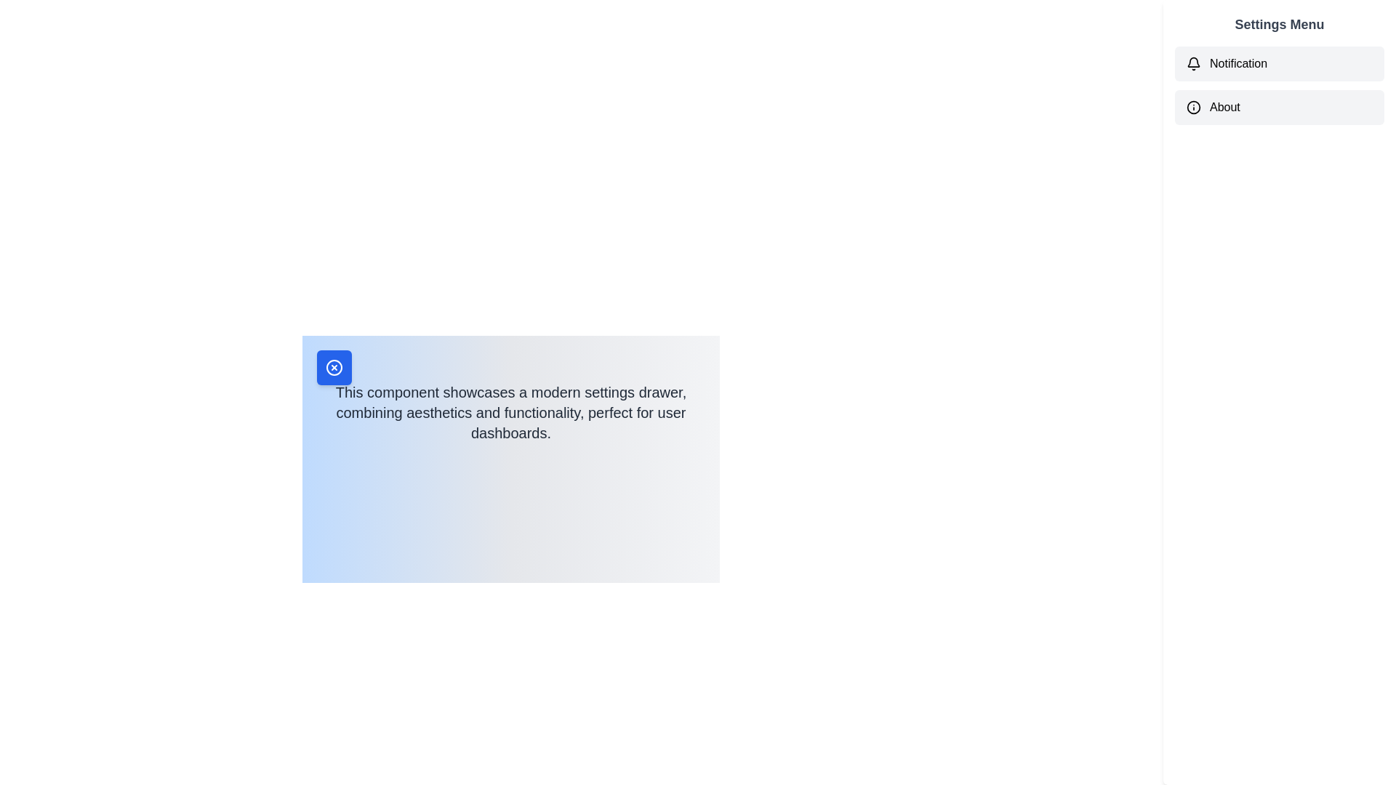  What do you see at coordinates (334, 366) in the screenshot?
I see `the circular icon with a cross inside it, which is styled with a modern design and located in the top-left corner of a rectangular card` at bounding box center [334, 366].